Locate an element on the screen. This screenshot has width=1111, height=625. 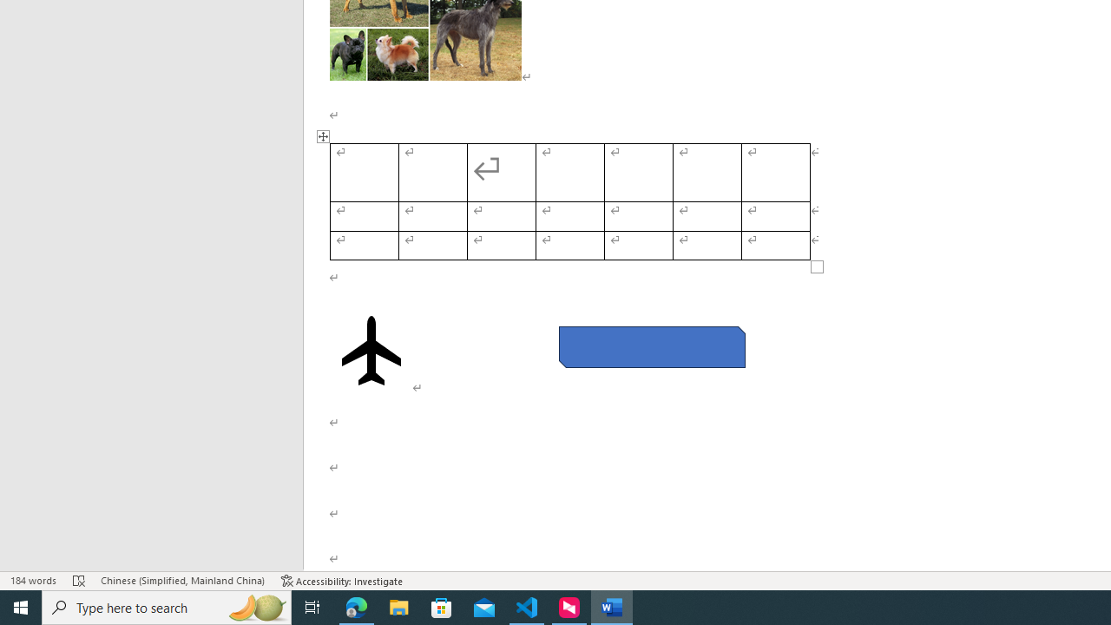
'Word - 1 running window' is located at coordinates (612, 606).